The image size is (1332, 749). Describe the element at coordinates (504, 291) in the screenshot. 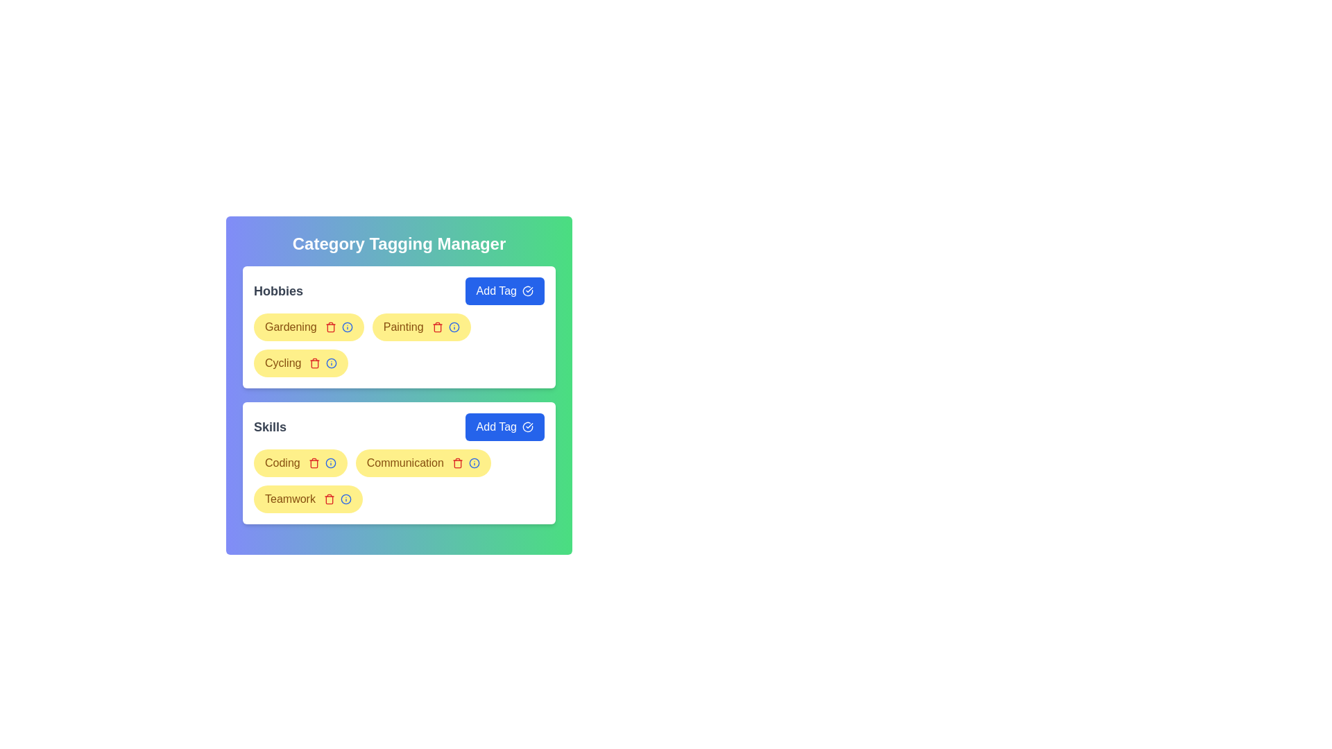

I see `the button located on the right side of the 'Hobbies' section within the 'Category Tagging Manager'` at that location.